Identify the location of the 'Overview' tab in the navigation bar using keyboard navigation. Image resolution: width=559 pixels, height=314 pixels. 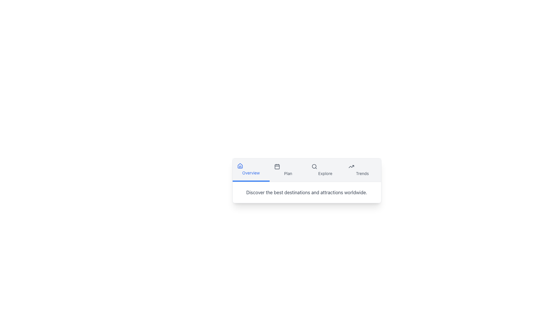
(251, 170).